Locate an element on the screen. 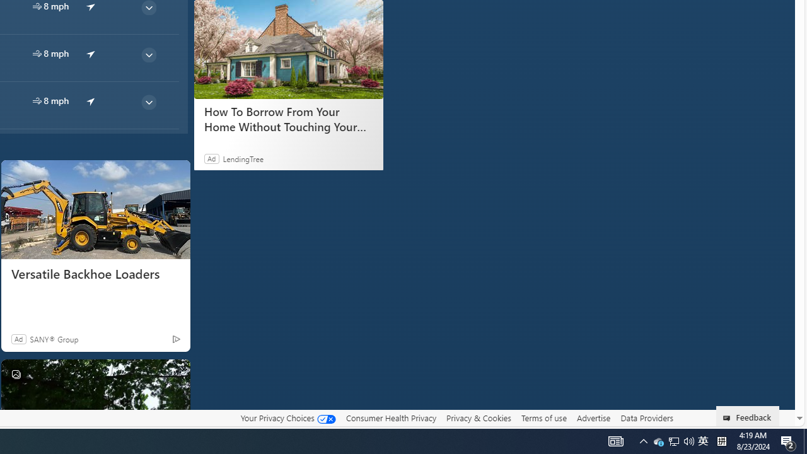 The image size is (807, 454). 'Ad Choice' is located at coordinates (175, 338).